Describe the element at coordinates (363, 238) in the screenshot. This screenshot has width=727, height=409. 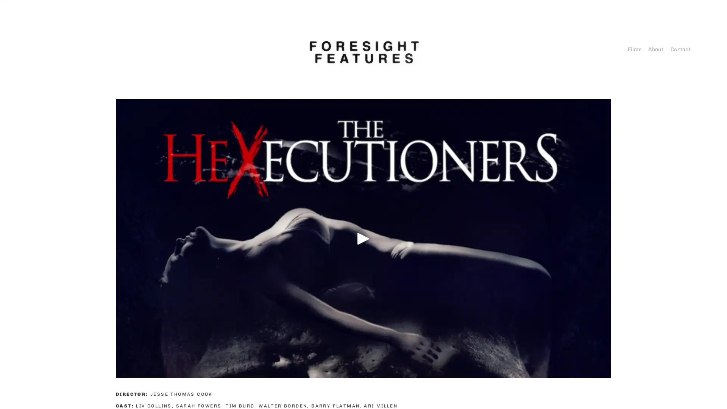
I see `Play` at that location.